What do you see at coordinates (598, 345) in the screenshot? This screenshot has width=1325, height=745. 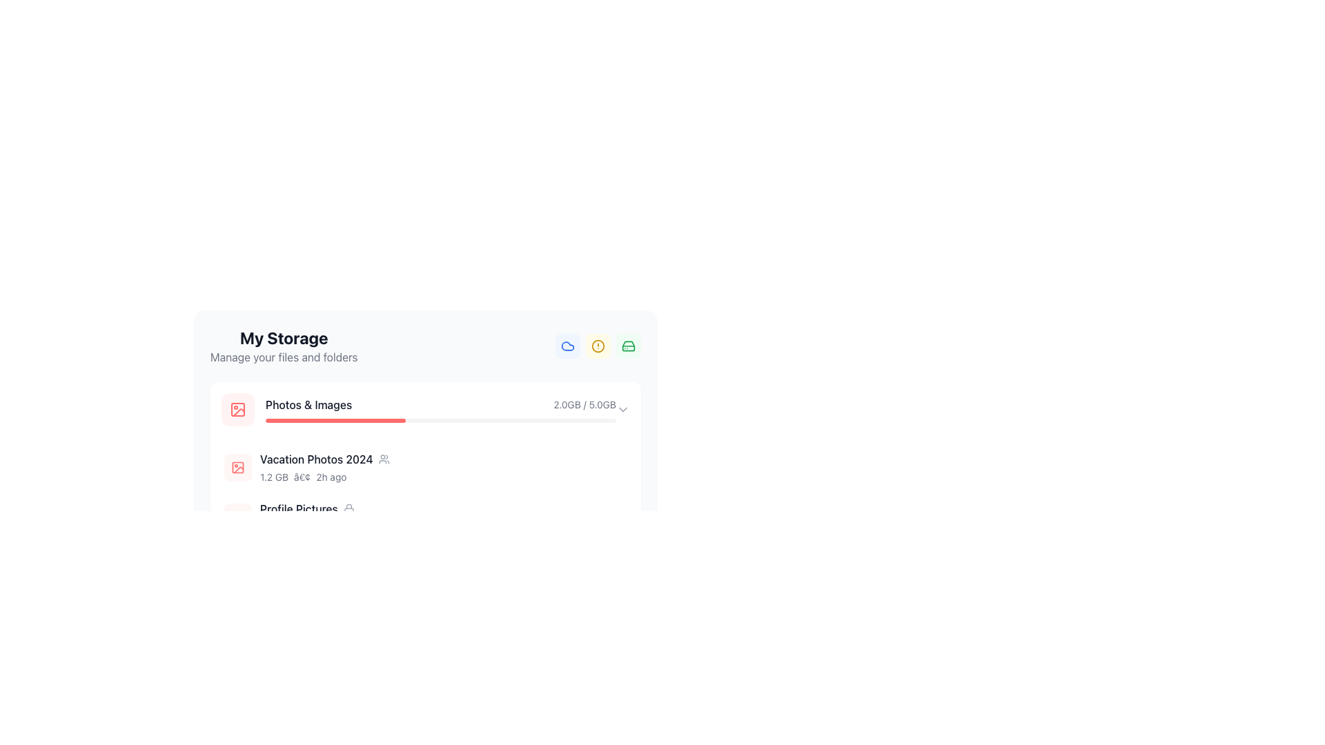 I see `the central circular icon located in the top-right corner of the interface, which is part of a group of graphical representations` at bounding box center [598, 345].